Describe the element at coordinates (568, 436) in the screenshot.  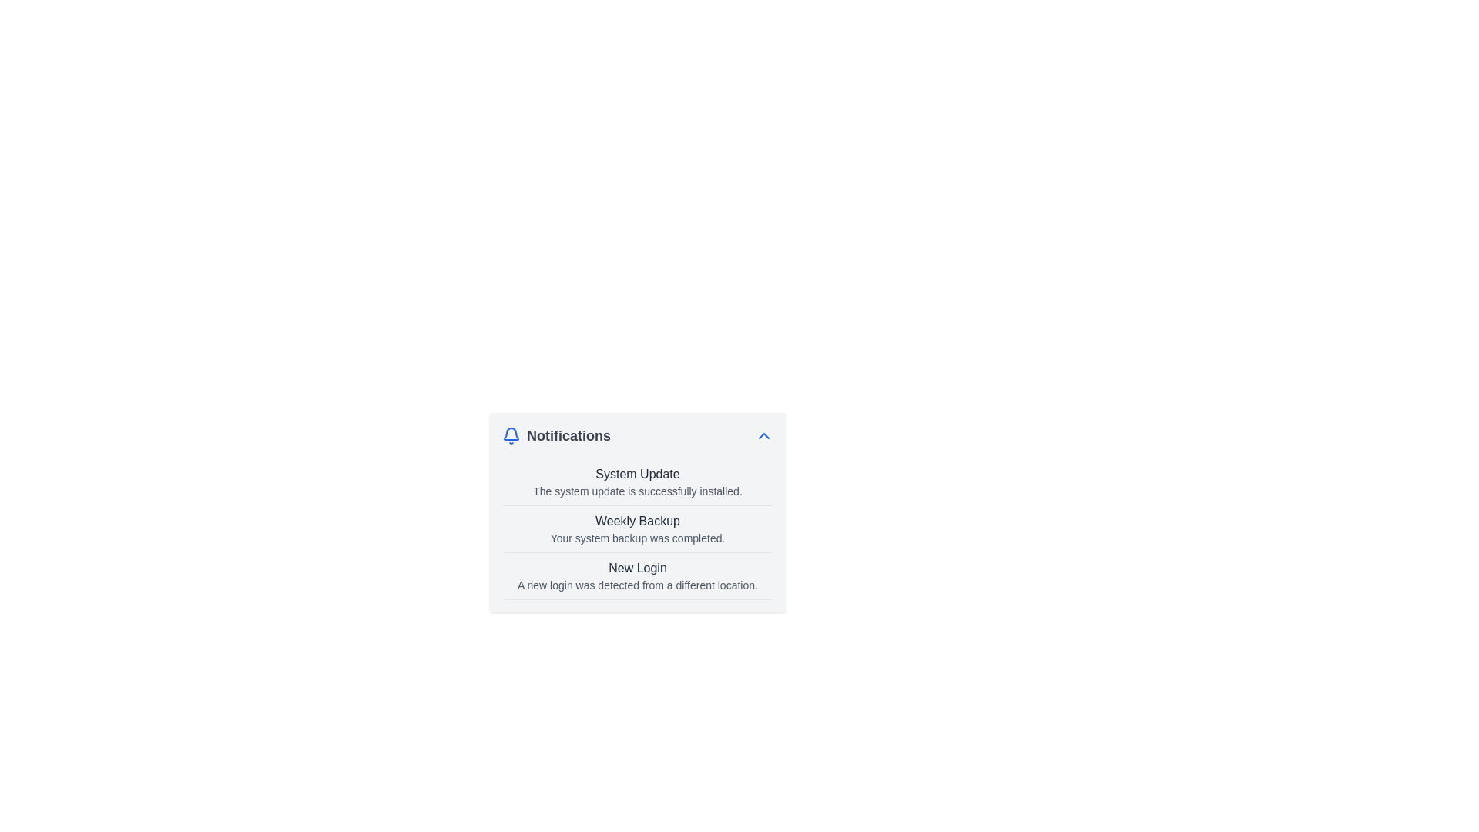
I see `text of the title or header element that identifies the section related to notifications, positioned to the right of a bell icon in the notification panel` at that location.